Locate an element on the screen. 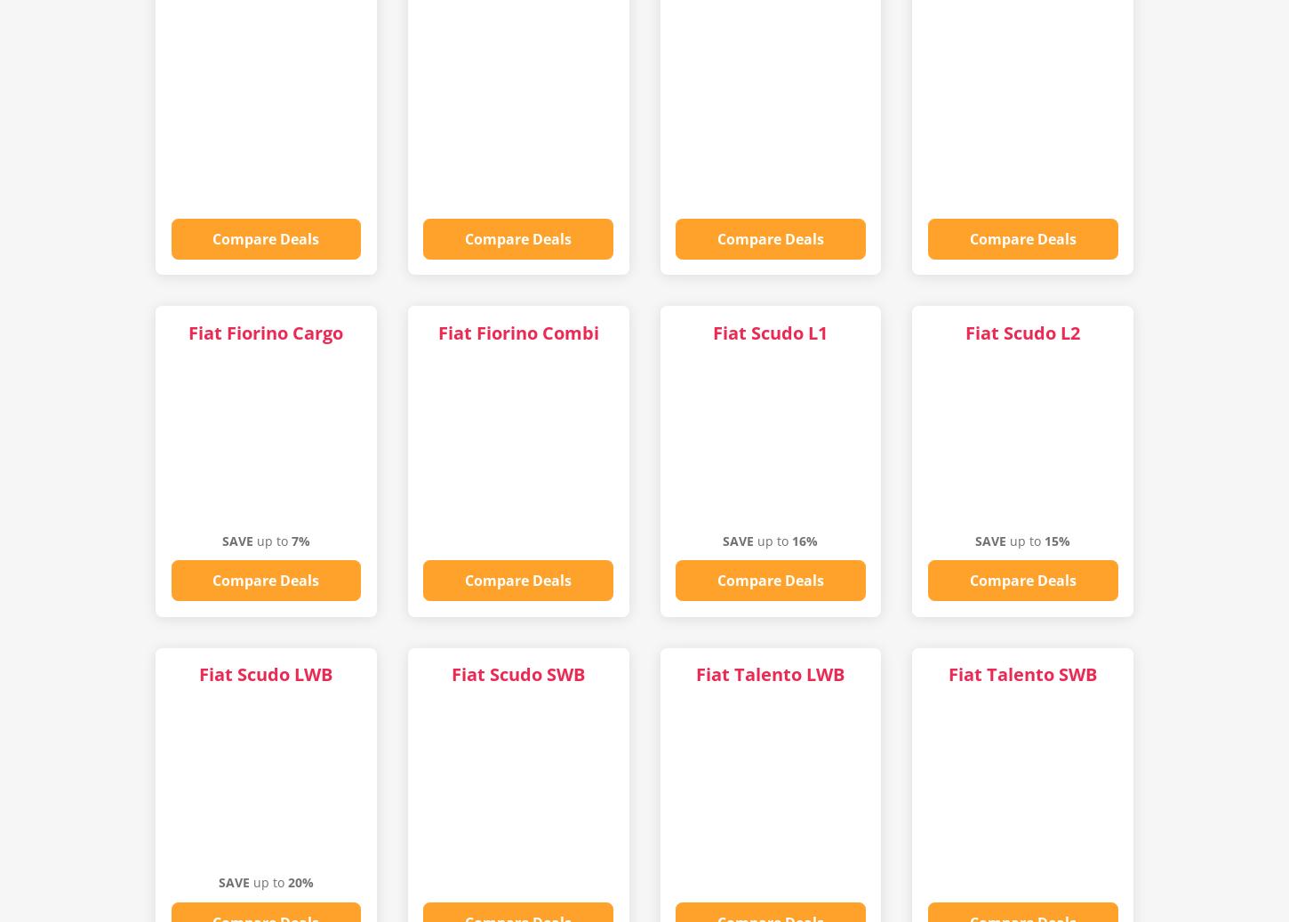 This screenshot has height=922, width=1289. '7%' is located at coordinates (300, 540).